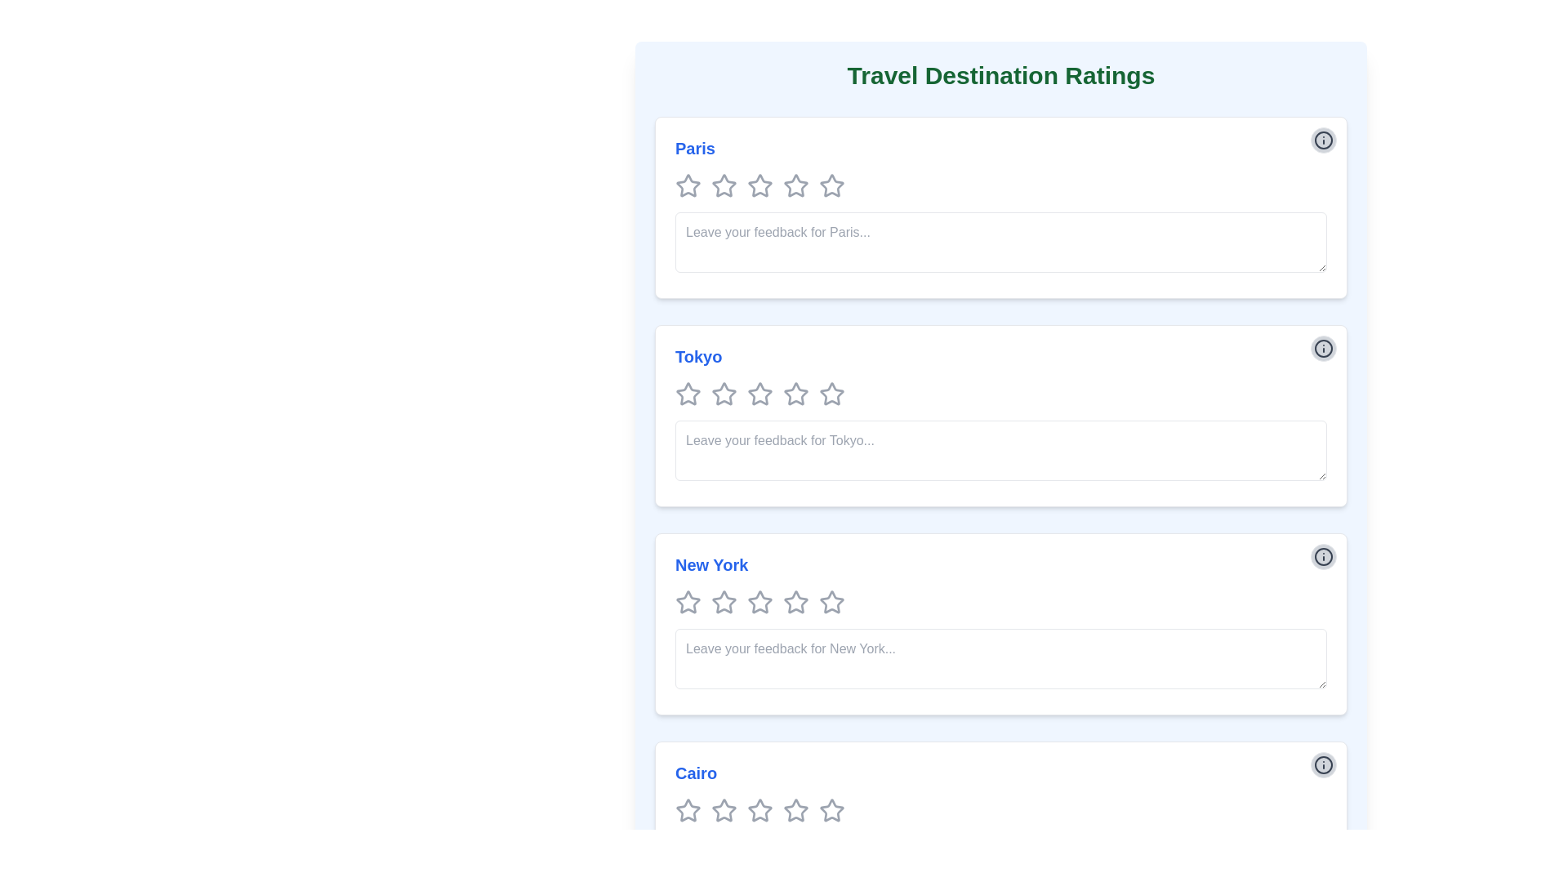 This screenshot has height=882, width=1568. What do you see at coordinates (831, 601) in the screenshot?
I see `the third star icon in the rating system under the 'New York' section` at bounding box center [831, 601].